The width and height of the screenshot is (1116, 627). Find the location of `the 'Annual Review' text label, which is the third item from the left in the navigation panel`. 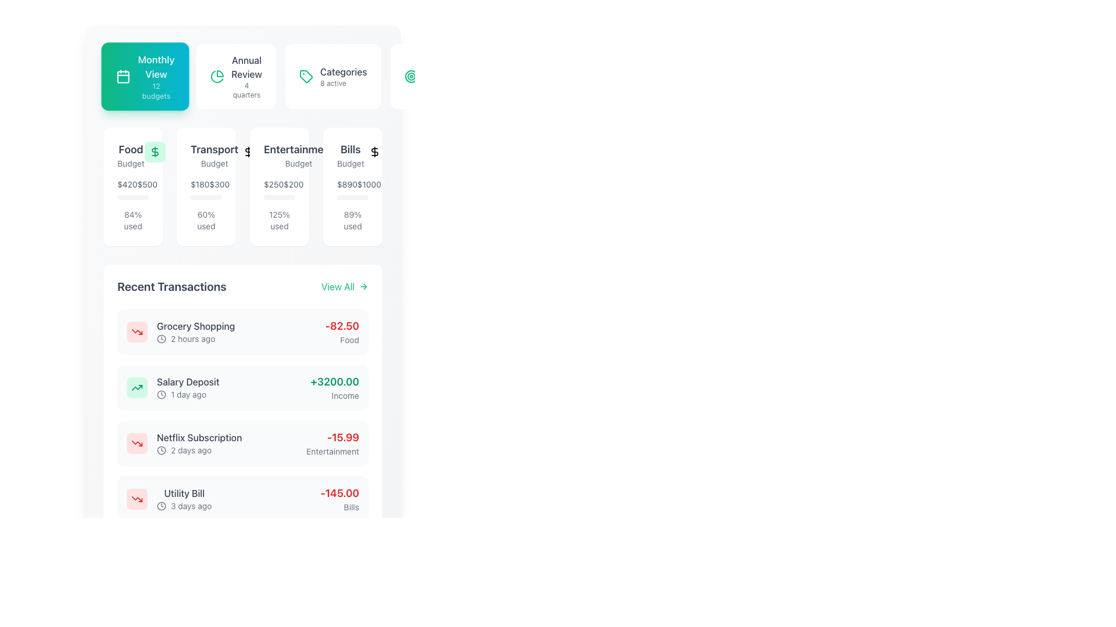

the 'Annual Review' text label, which is the third item from the left in the navigation panel is located at coordinates (246, 76).